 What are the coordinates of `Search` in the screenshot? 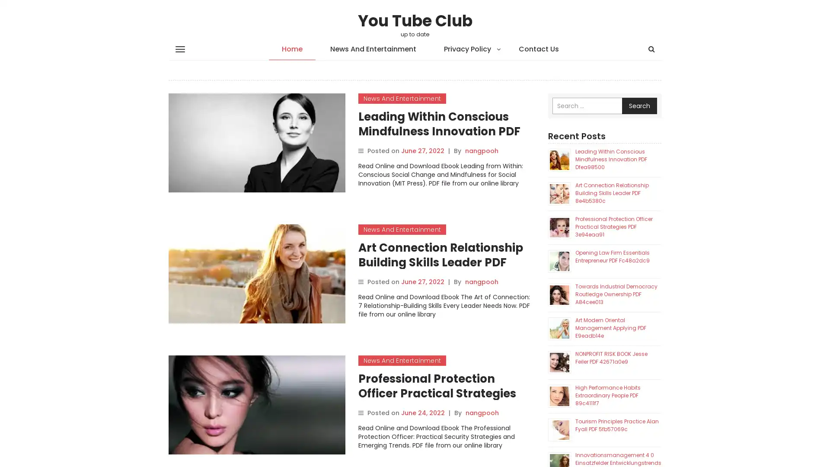 It's located at (639, 106).